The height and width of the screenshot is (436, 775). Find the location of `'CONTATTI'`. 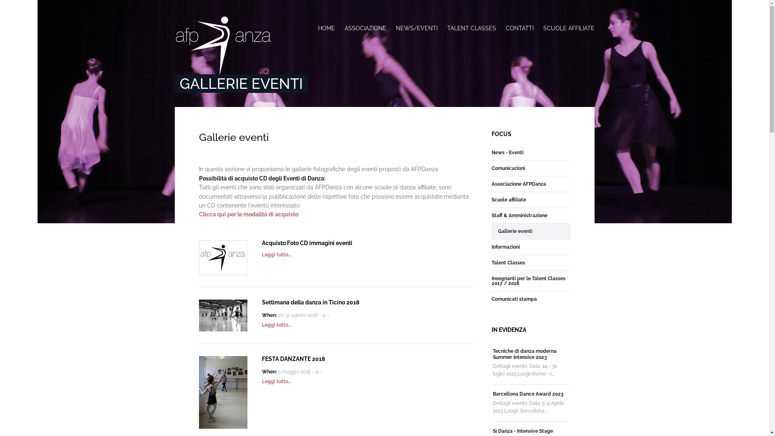

'CONTATTI' is located at coordinates (519, 27).